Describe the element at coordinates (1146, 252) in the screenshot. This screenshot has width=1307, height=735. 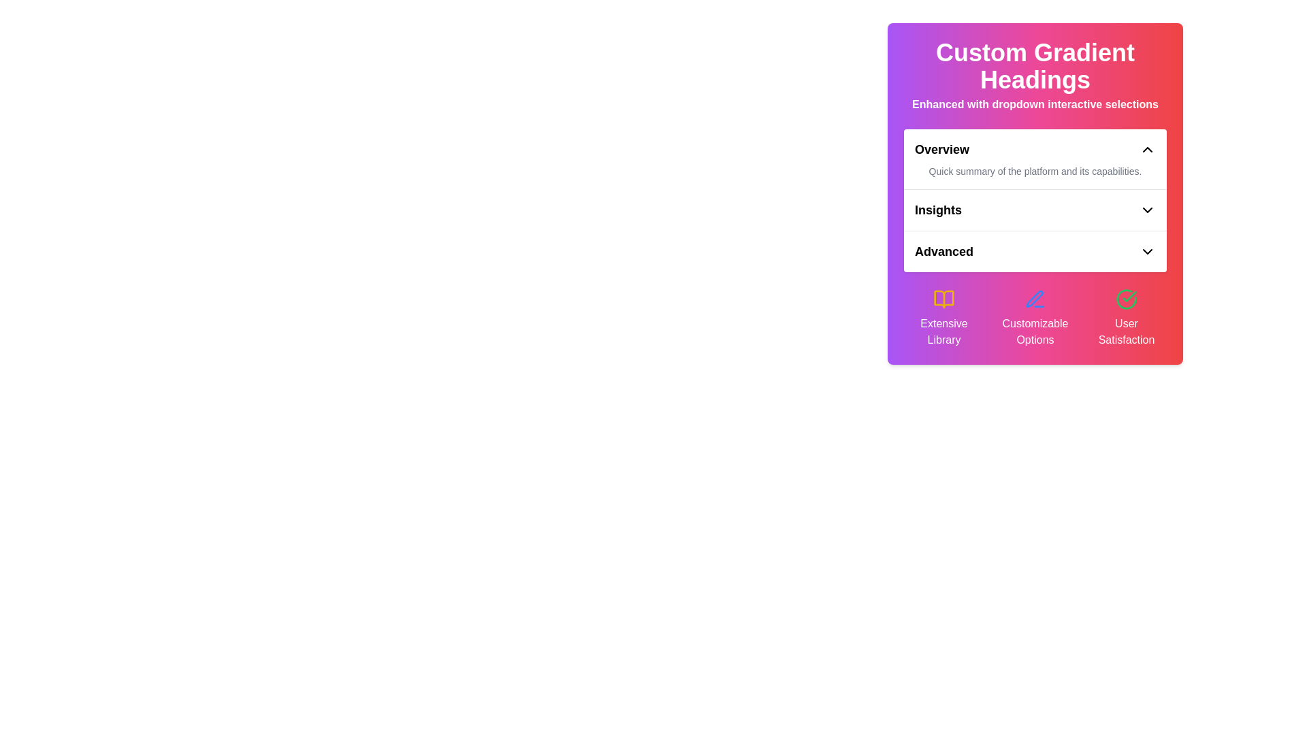
I see `the chevron-down icon located at the rightmost part of the 'Advanced' header` at that location.